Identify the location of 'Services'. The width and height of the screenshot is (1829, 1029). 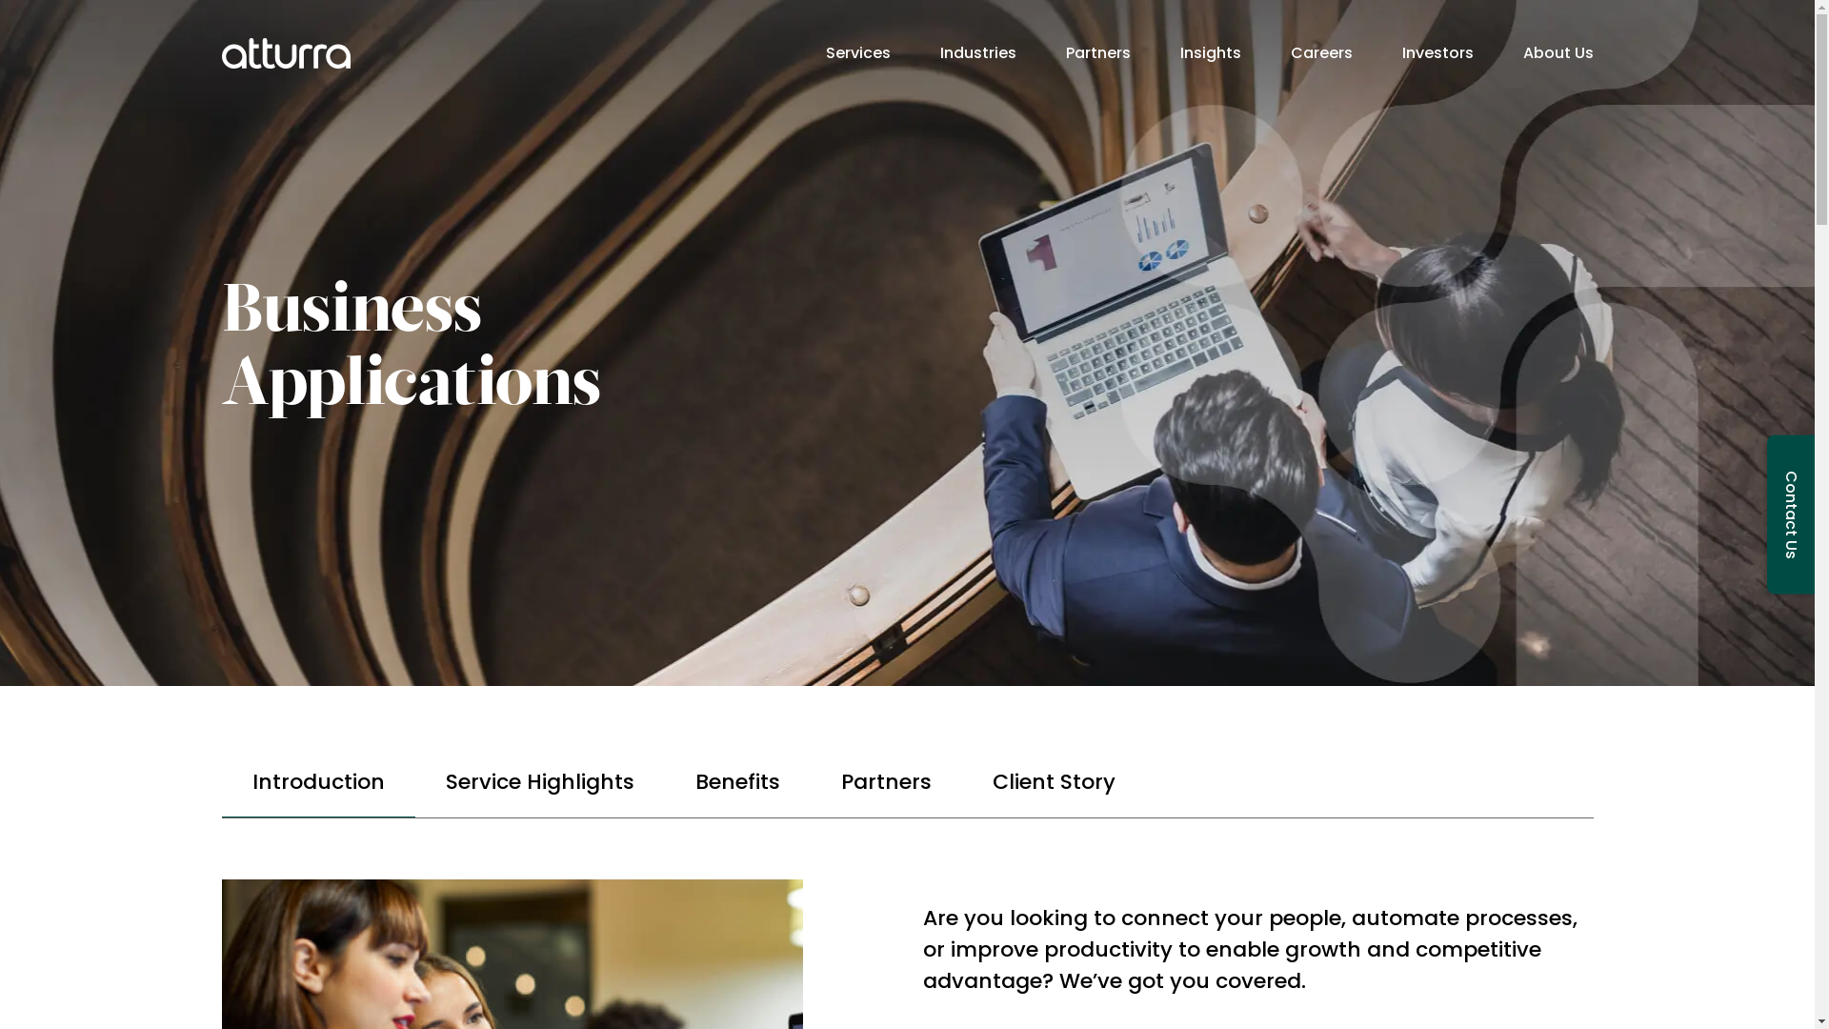
(856, 52).